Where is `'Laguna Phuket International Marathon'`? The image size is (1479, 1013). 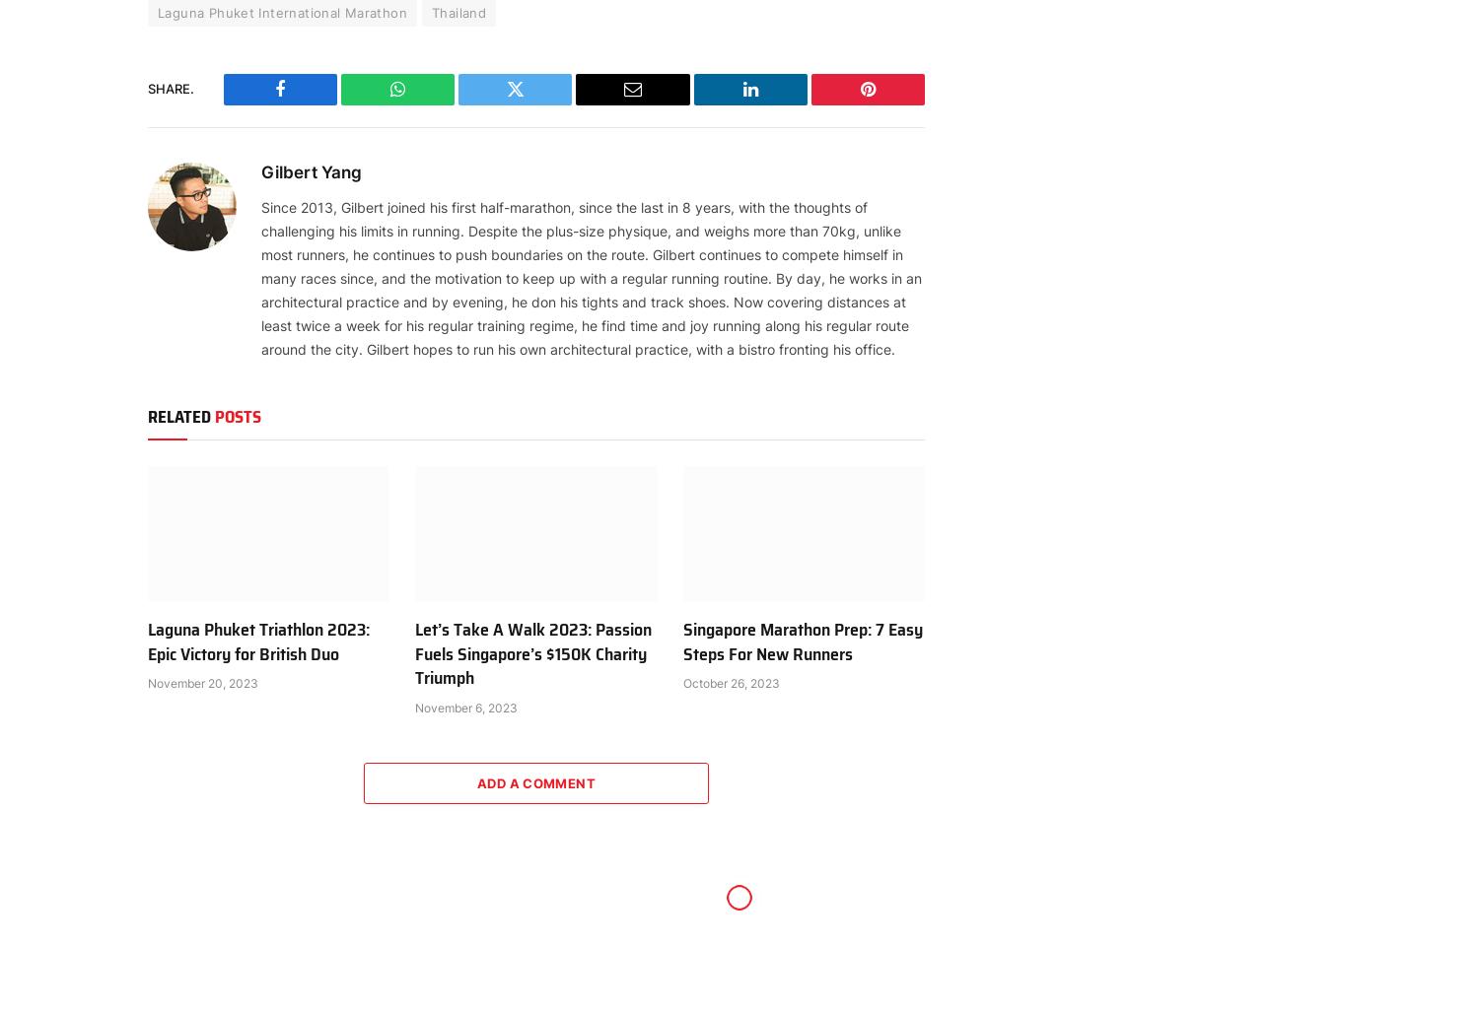
'Laguna Phuket International Marathon' is located at coordinates (282, 10).